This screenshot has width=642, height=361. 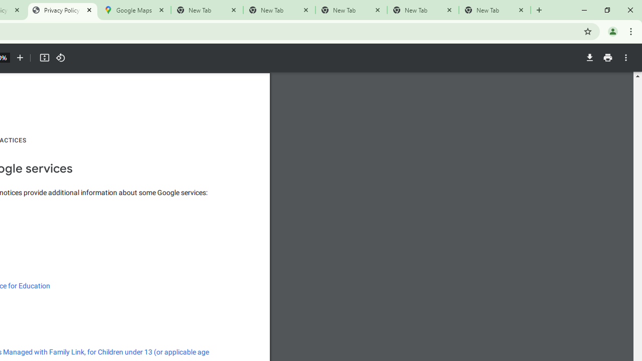 What do you see at coordinates (44, 58) in the screenshot?
I see `'Fit to page'` at bounding box center [44, 58].